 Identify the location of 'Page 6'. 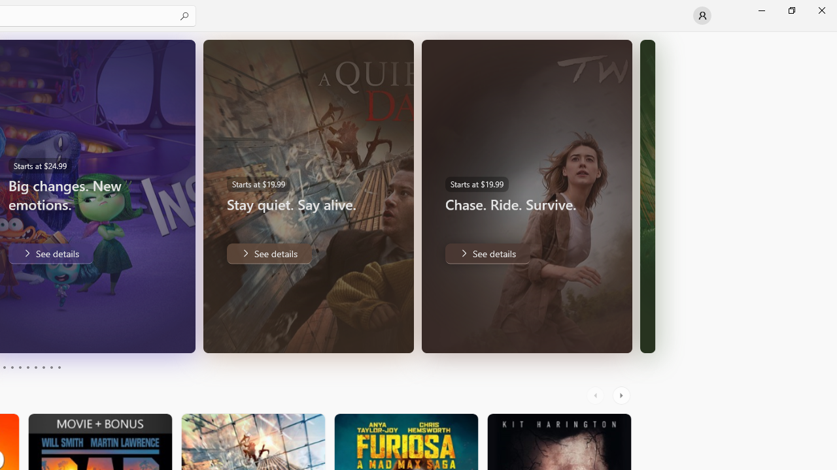
(27, 368).